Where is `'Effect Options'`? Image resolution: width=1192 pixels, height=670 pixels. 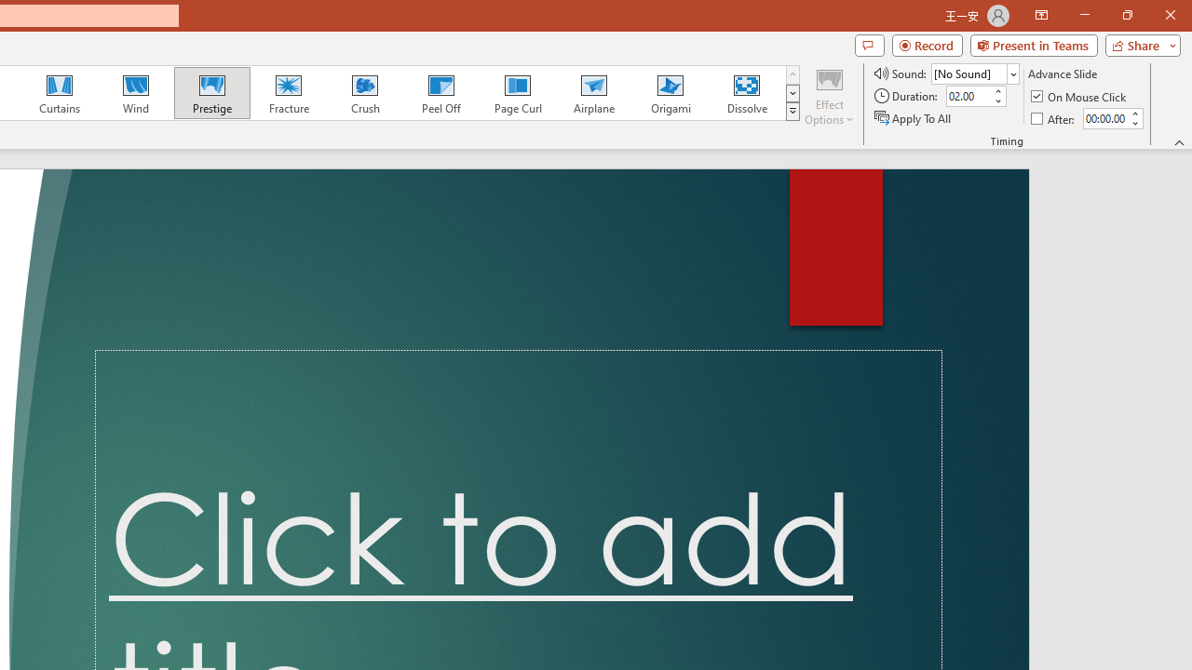 'Effect Options' is located at coordinates (828, 96).